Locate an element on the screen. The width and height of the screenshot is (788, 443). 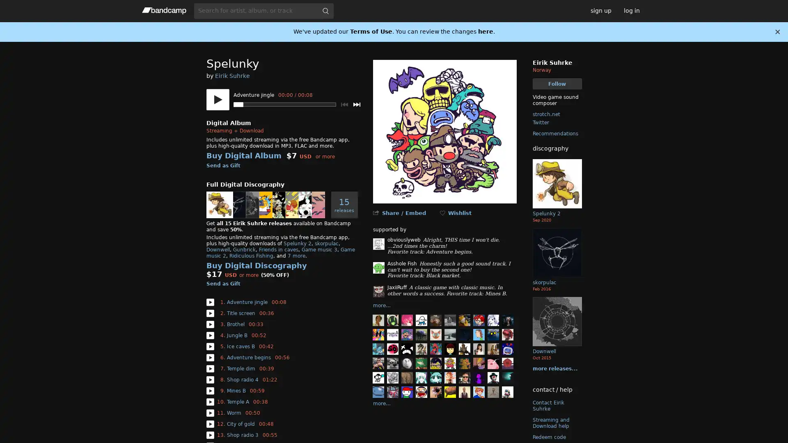
Play Temple A is located at coordinates (210, 401).